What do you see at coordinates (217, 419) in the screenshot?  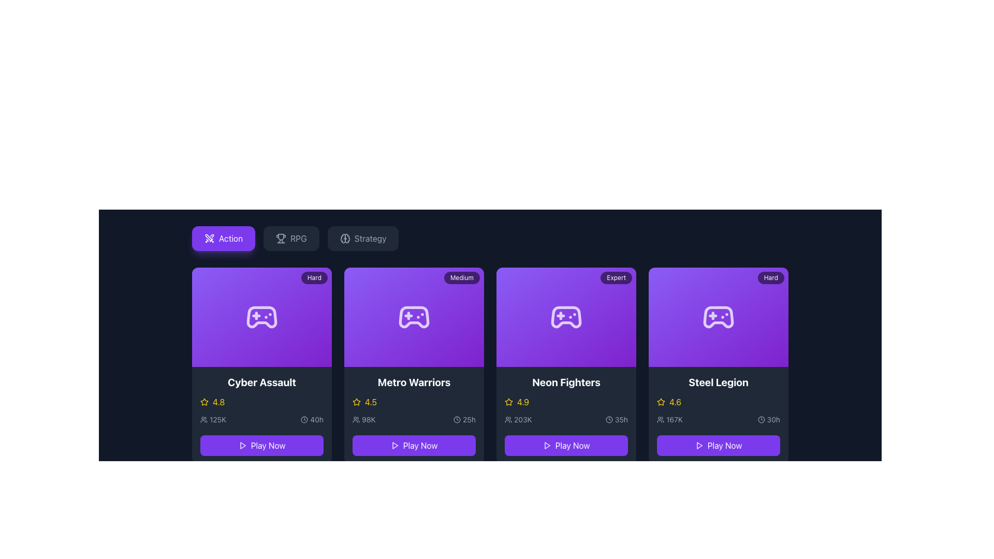 I see `numerical value displayed on the text label located in the bottom-left corner of the 'Cyber Assault' card, adjacent to the group icon and above the 'Play Now' button` at bounding box center [217, 419].